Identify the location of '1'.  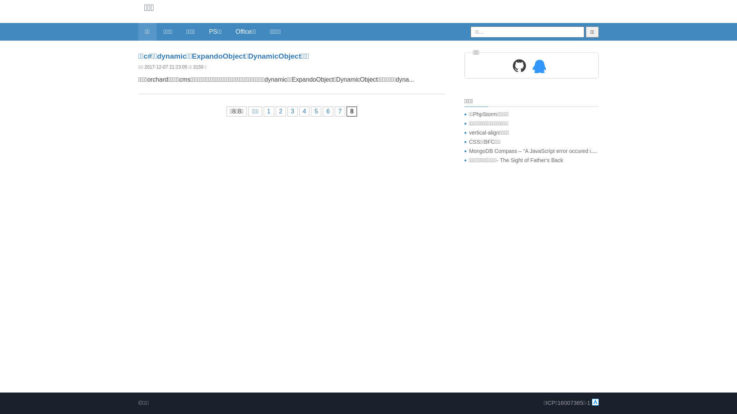
(269, 111).